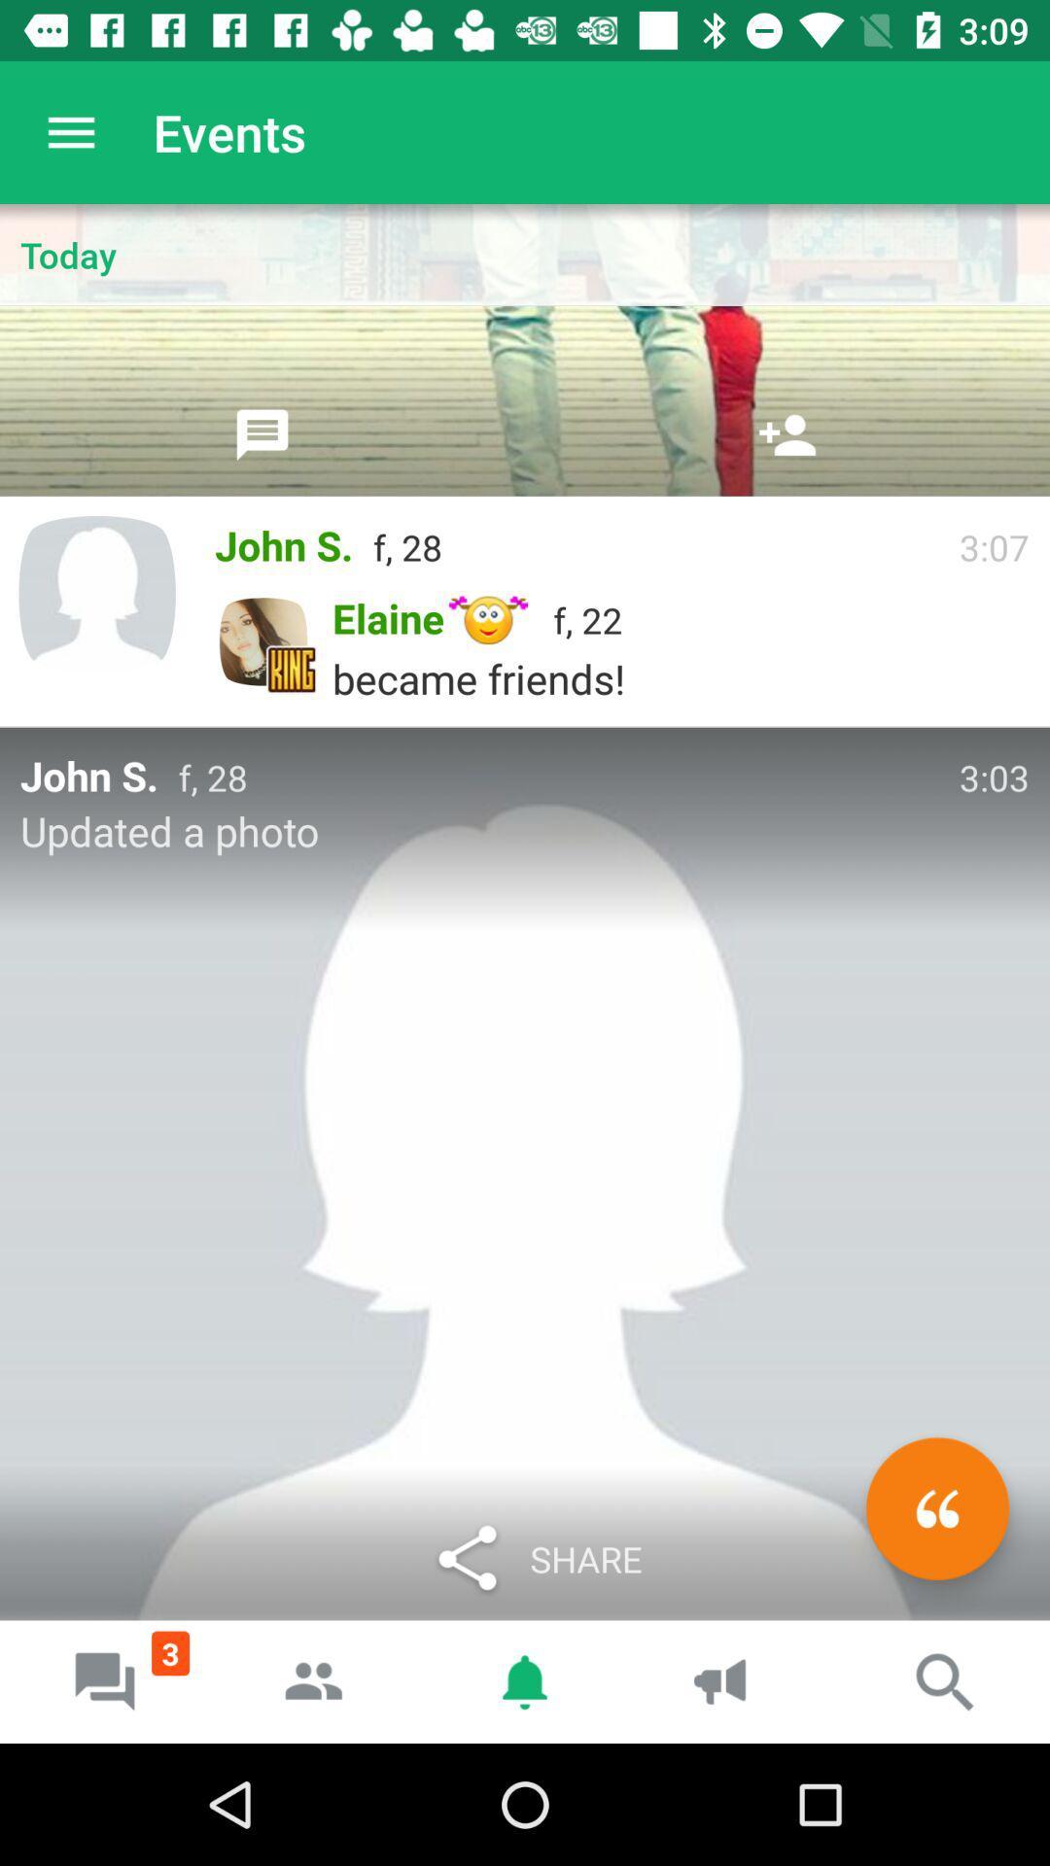 This screenshot has height=1866, width=1050. What do you see at coordinates (936, 1507) in the screenshot?
I see `x` at bounding box center [936, 1507].